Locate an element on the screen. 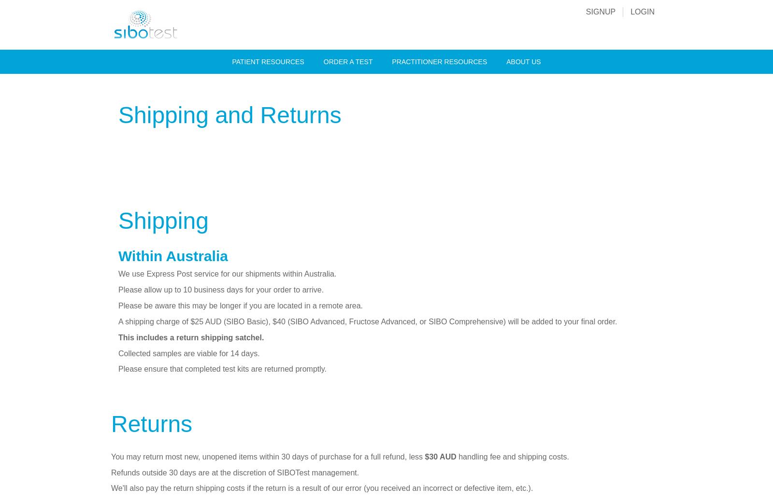 The height and width of the screenshot is (501, 773). 'Refunds outside 30 days are at the discretion of SIBOTest management.' is located at coordinates (234, 472).